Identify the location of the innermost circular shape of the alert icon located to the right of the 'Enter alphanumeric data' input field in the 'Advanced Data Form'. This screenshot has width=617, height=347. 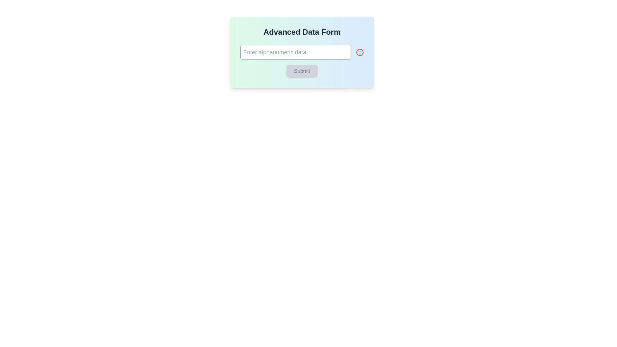
(359, 52).